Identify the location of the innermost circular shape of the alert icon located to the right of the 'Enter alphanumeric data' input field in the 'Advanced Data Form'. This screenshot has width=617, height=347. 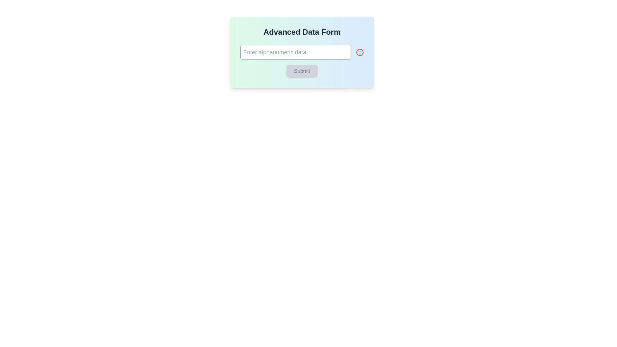
(359, 52).